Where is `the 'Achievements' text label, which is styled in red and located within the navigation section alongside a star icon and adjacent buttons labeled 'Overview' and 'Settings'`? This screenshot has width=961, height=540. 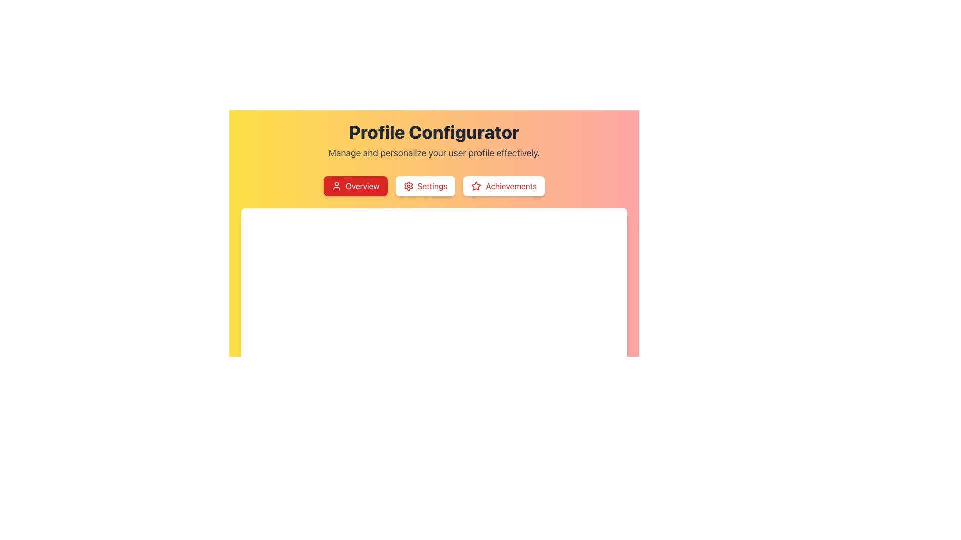 the 'Achievements' text label, which is styled in red and located within the navigation section alongside a star icon and adjacent buttons labeled 'Overview' and 'Settings' is located at coordinates (511, 186).